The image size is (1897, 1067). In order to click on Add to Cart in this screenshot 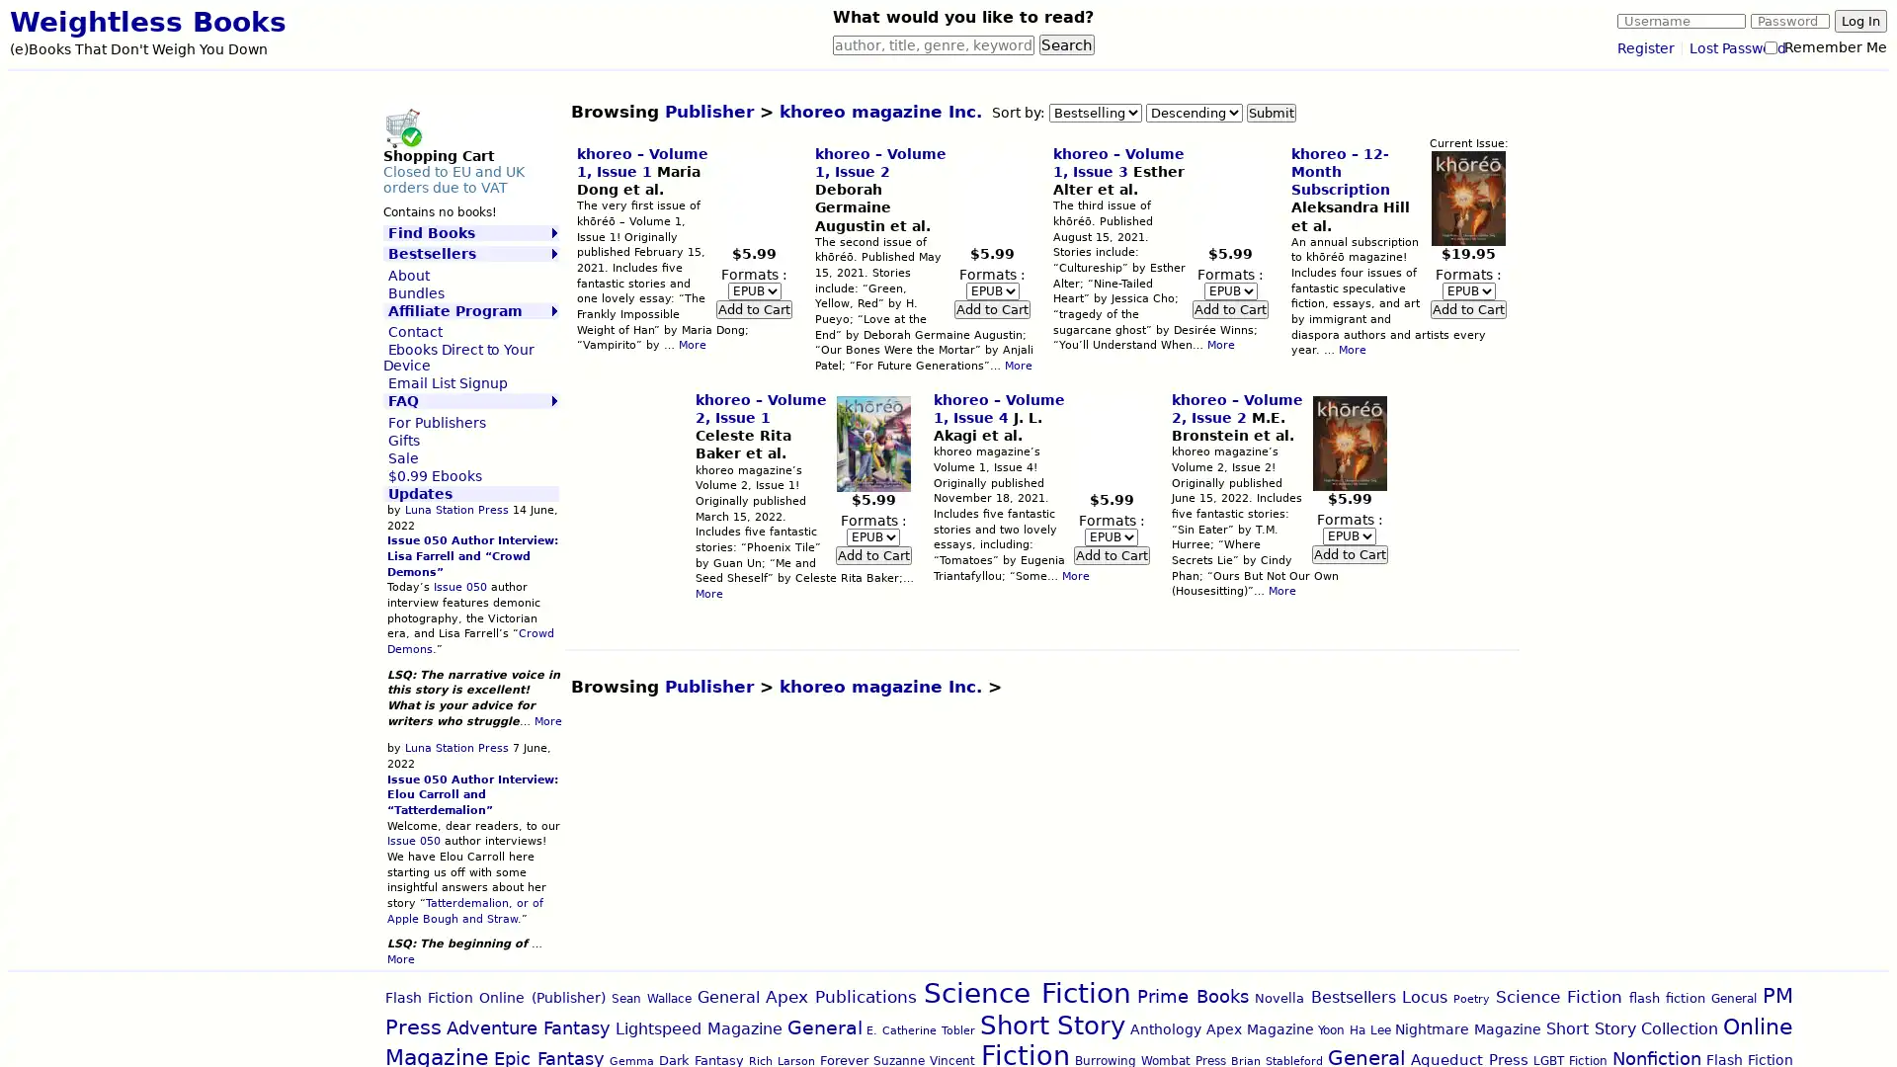, I will do `click(1111, 554)`.